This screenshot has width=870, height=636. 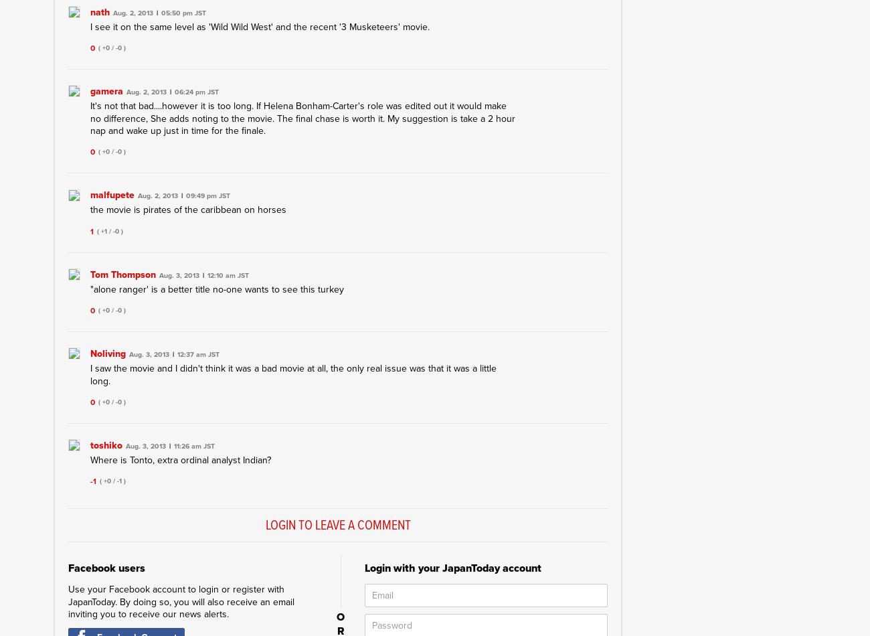 What do you see at coordinates (99, 11) in the screenshot?
I see `'nath'` at bounding box center [99, 11].